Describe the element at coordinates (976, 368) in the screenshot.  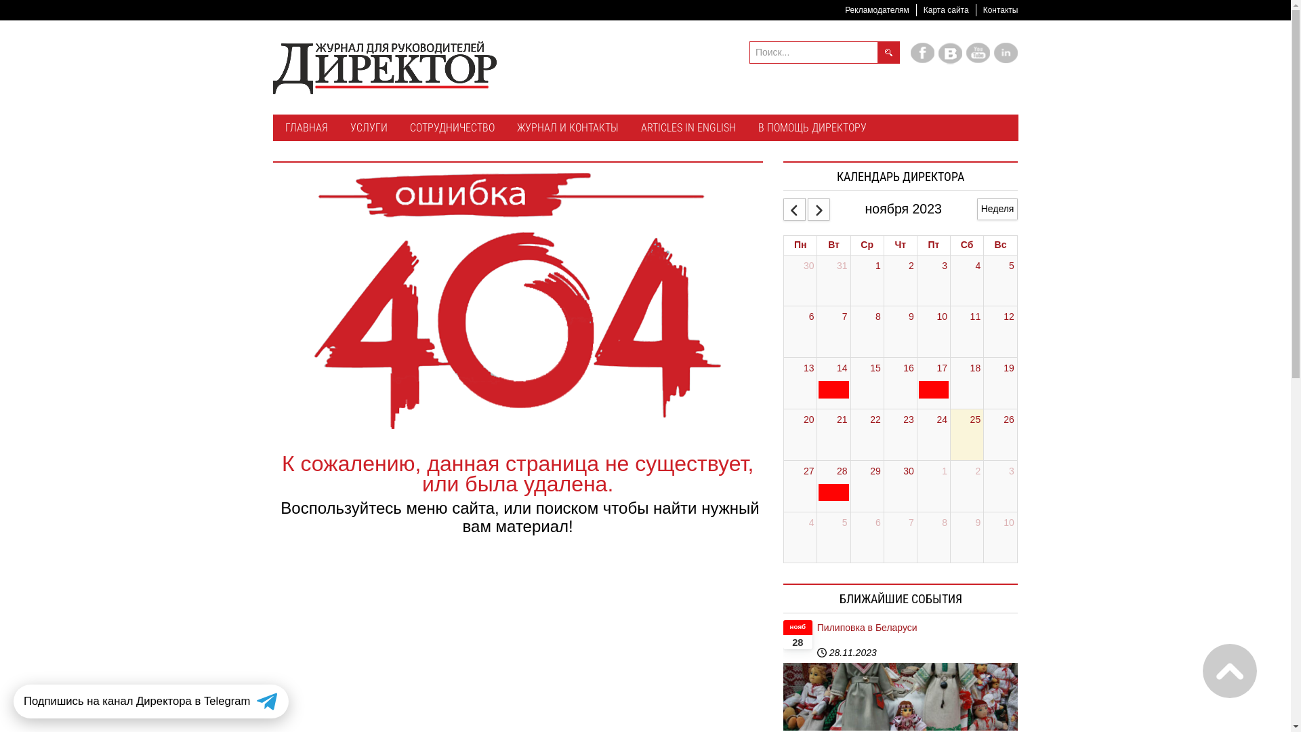
I see `'18'` at that location.